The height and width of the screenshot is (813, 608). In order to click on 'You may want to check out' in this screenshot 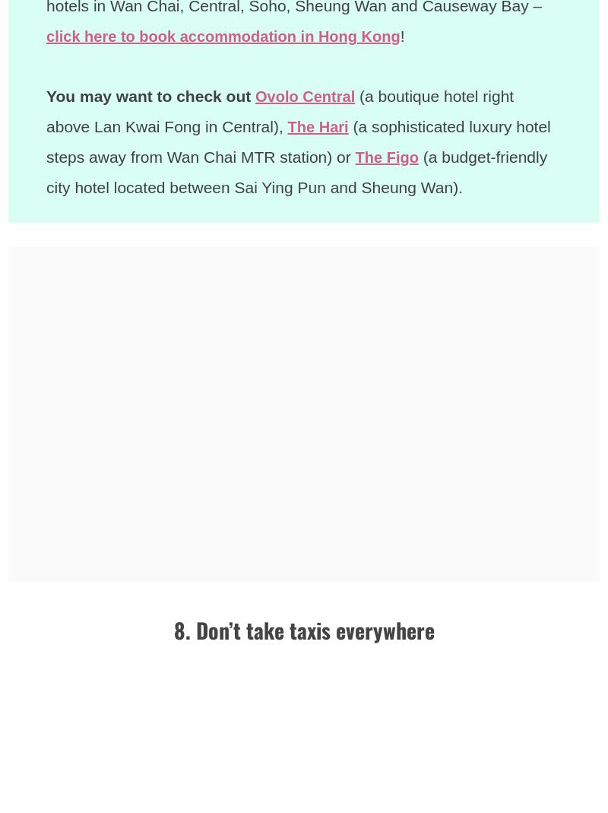, I will do `click(147, 96)`.